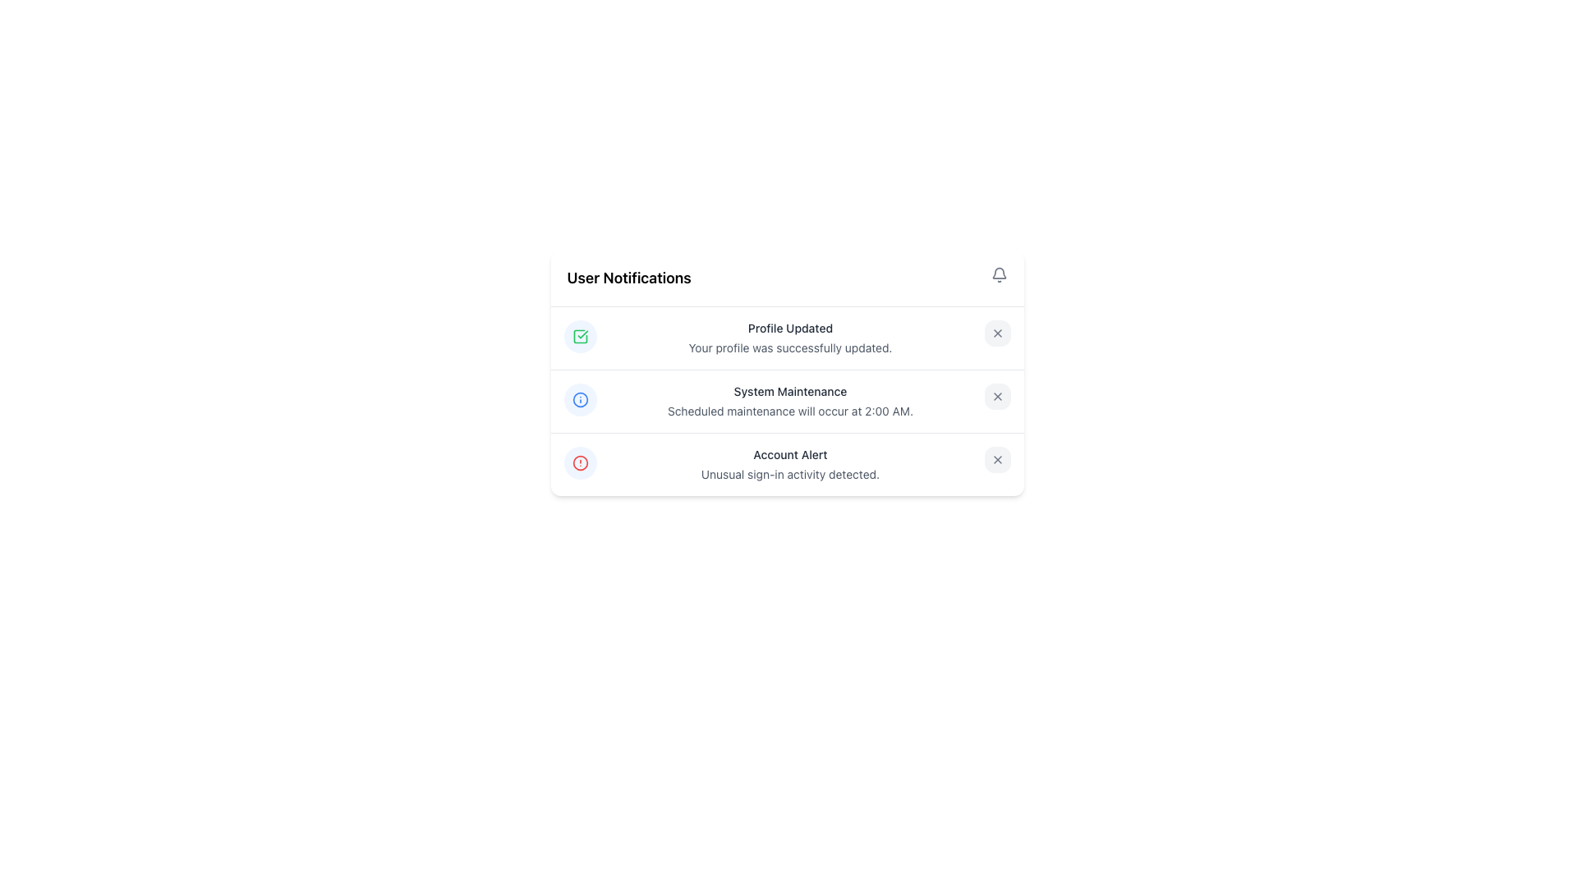 The image size is (1577, 887). What do you see at coordinates (790, 338) in the screenshot?
I see `text content of the first informational text block in the notification list, which confirms the success of a profile update` at bounding box center [790, 338].